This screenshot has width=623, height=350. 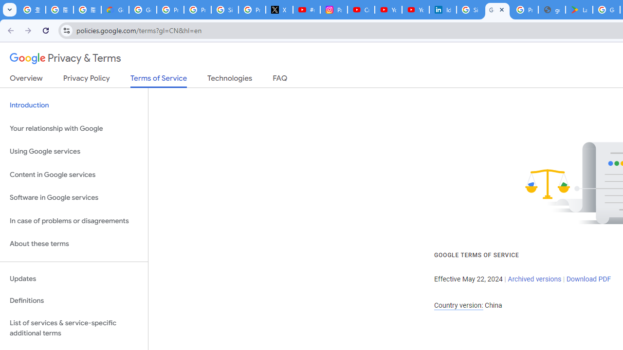 What do you see at coordinates (73, 128) in the screenshot?
I see `'Your relationship with Google'` at bounding box center [73, 128].